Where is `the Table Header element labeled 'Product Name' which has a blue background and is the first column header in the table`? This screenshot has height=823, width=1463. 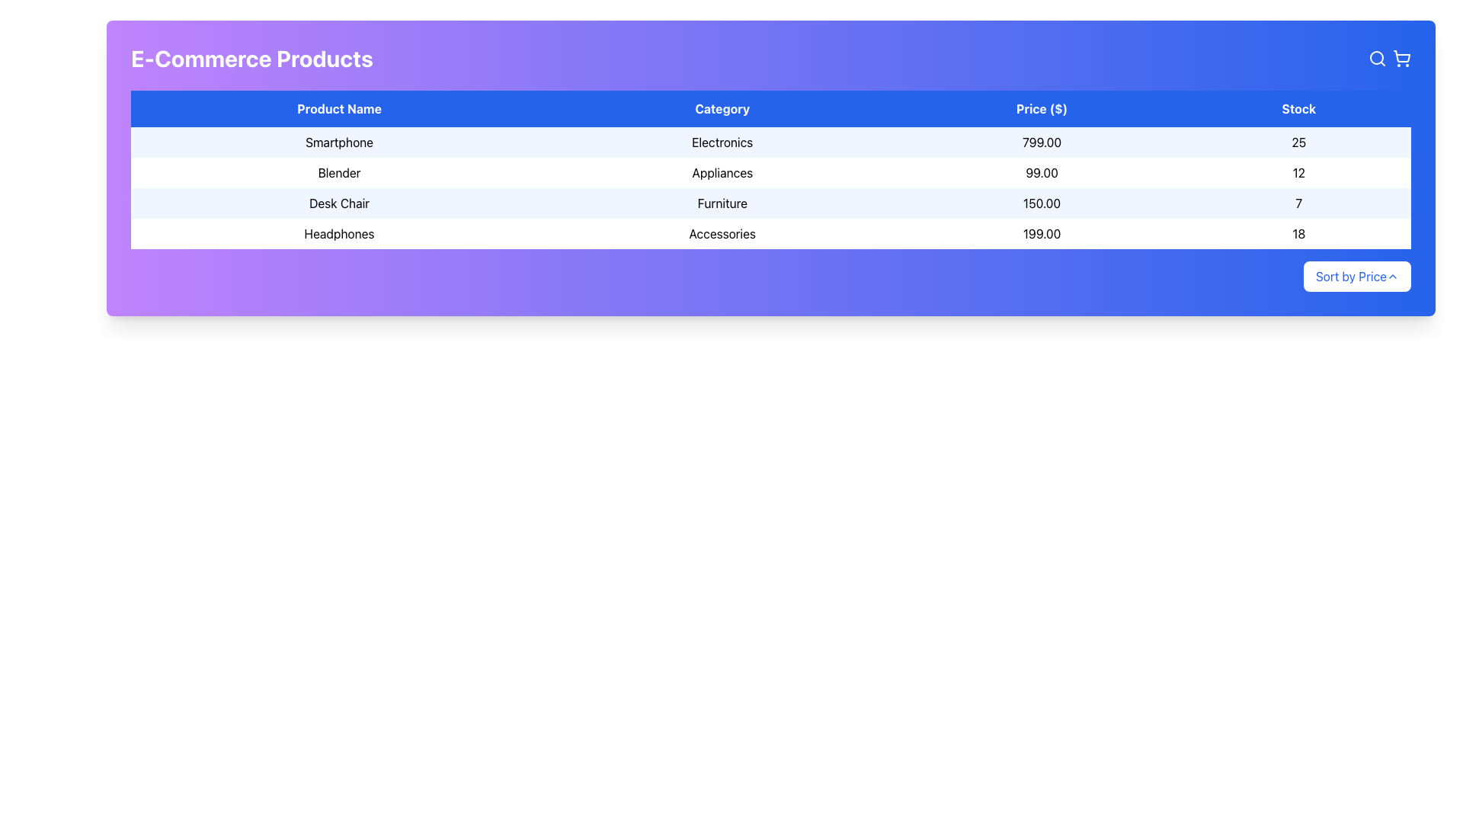 the Table Header element labeled 'Product Name' which has a blue background and is the first column header in the table is located at coordinates (338, 107).